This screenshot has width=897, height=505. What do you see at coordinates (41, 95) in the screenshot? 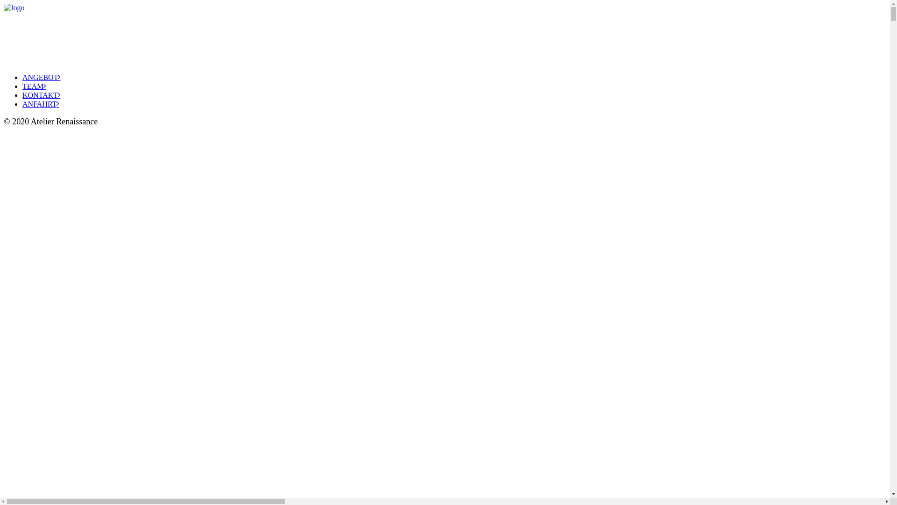
I see `'KONTAKT'` at bounding box center [41, 95].